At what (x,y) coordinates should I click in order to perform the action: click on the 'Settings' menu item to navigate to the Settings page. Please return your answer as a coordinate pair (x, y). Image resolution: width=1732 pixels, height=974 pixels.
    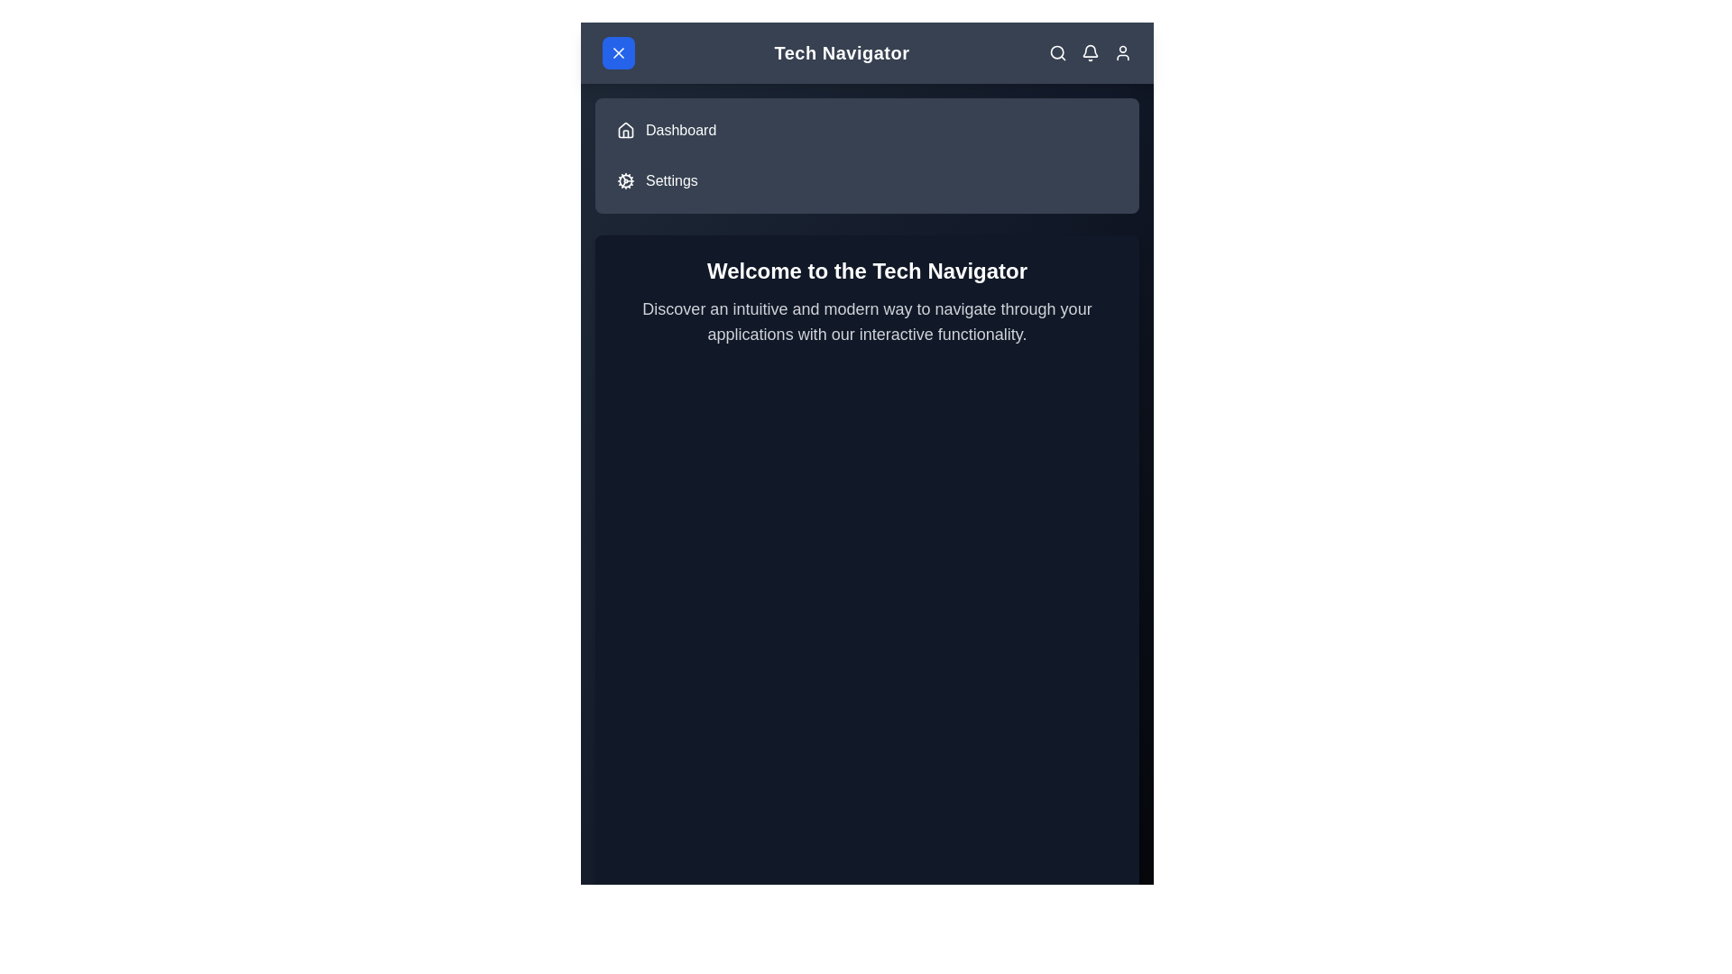
    Looking at the image, I should click on (670, 180).